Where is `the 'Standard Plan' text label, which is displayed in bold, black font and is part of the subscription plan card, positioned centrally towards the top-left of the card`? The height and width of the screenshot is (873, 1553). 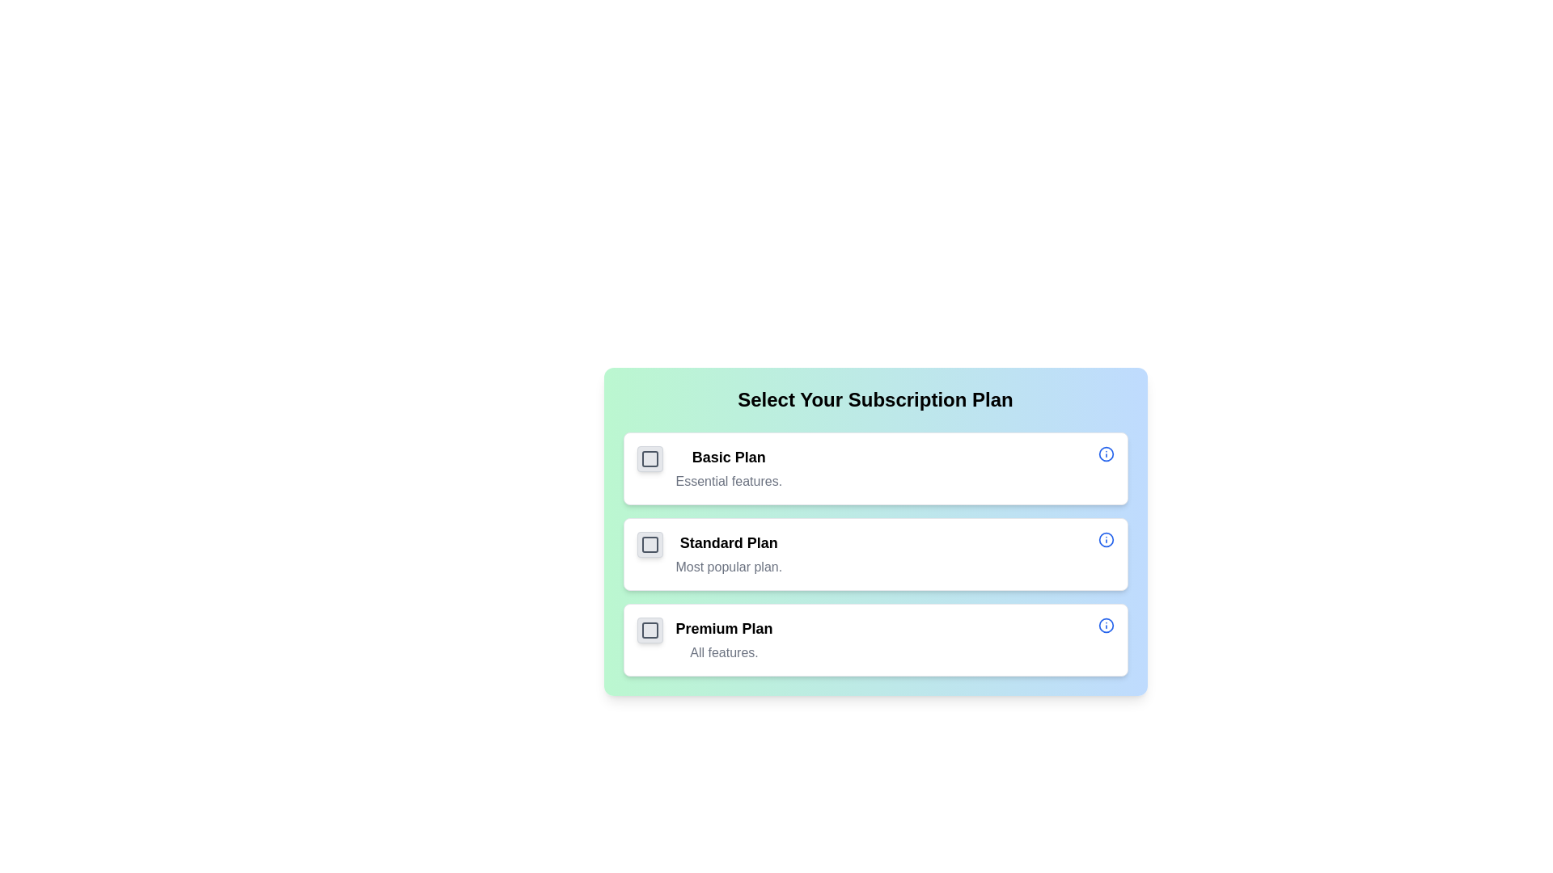
the 'Standard Plan' text label, which is displayed in bold, black font and is part of the subscription plan card, positioned centrally towards the top-left of the card is located at coordinates (728, 542).